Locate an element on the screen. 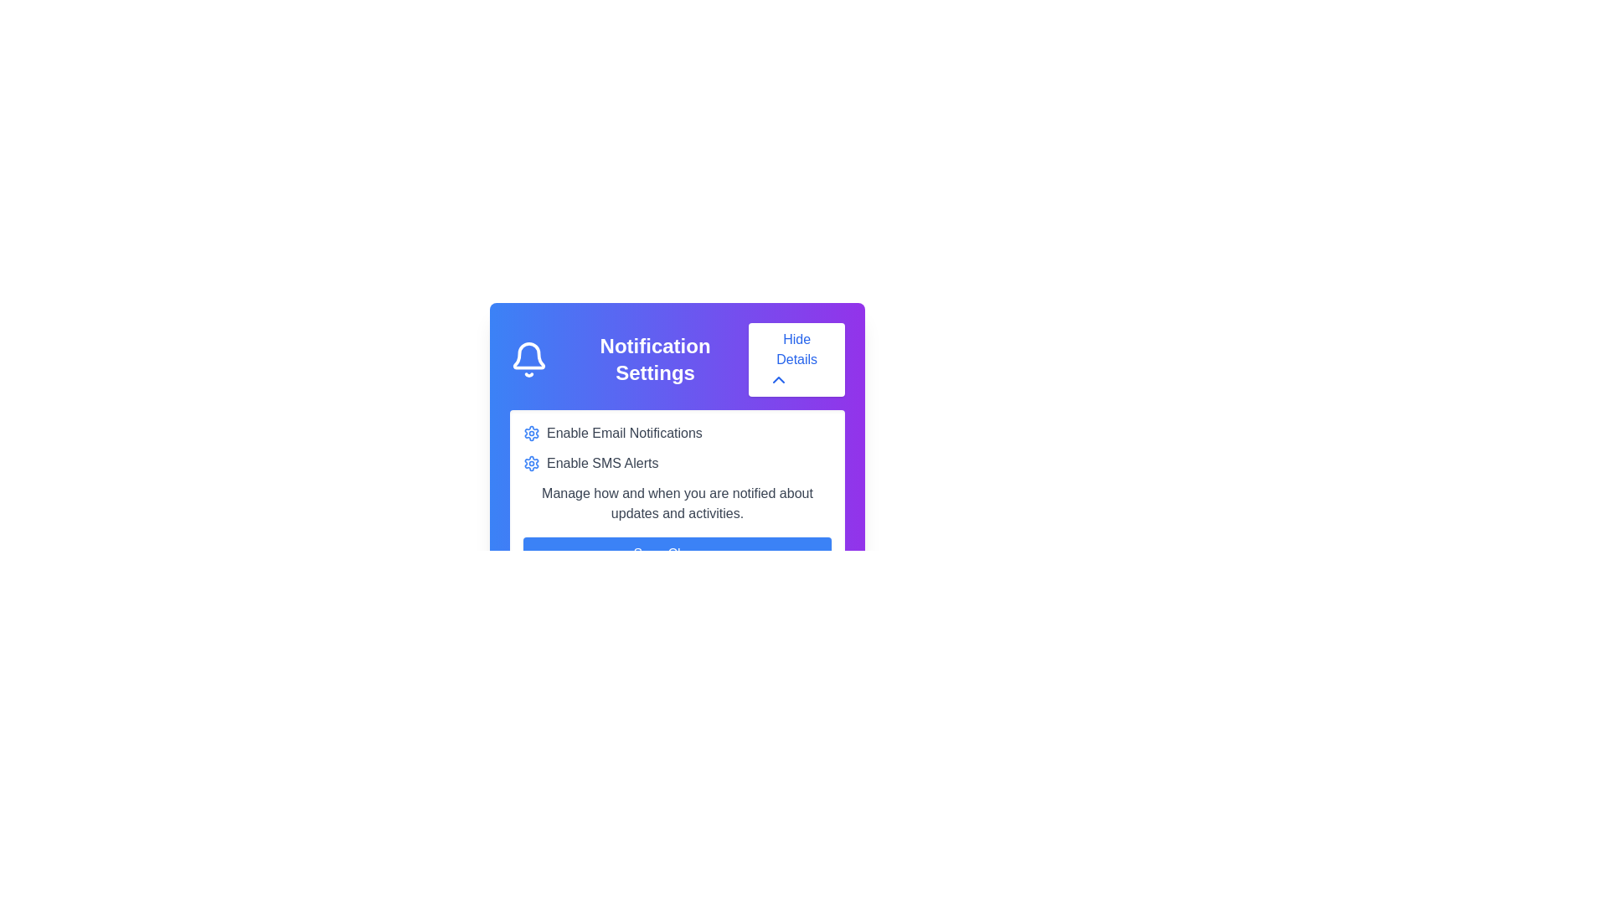 The image size is (1608, 904). the label with icon that conveys the setting option for enabling email notifications, located at the top of the vertical list of settings is located at coordinates (678, 432).